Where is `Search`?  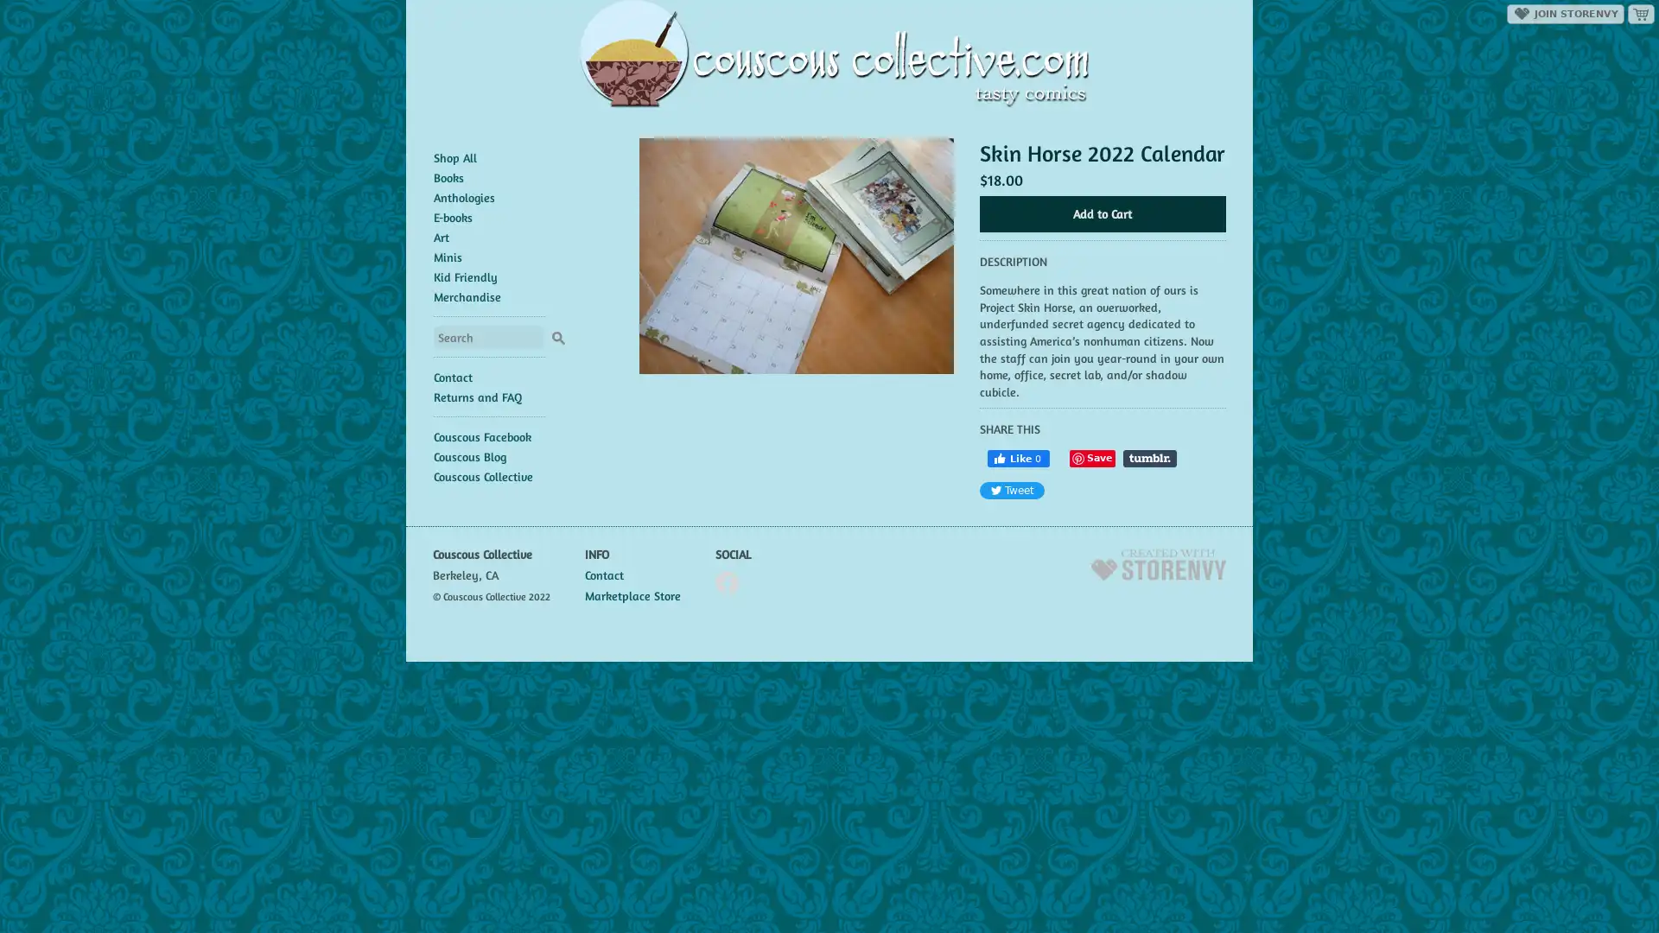 Search is located at coordinates (557, 335).